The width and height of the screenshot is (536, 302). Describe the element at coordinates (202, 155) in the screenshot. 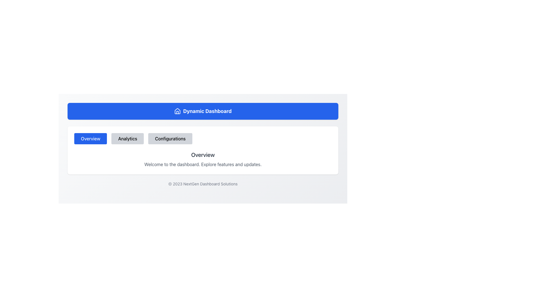

I see `the text label which serves as the heading or title for the current section, located horizontally centered beneath the navigation bar` at that location.